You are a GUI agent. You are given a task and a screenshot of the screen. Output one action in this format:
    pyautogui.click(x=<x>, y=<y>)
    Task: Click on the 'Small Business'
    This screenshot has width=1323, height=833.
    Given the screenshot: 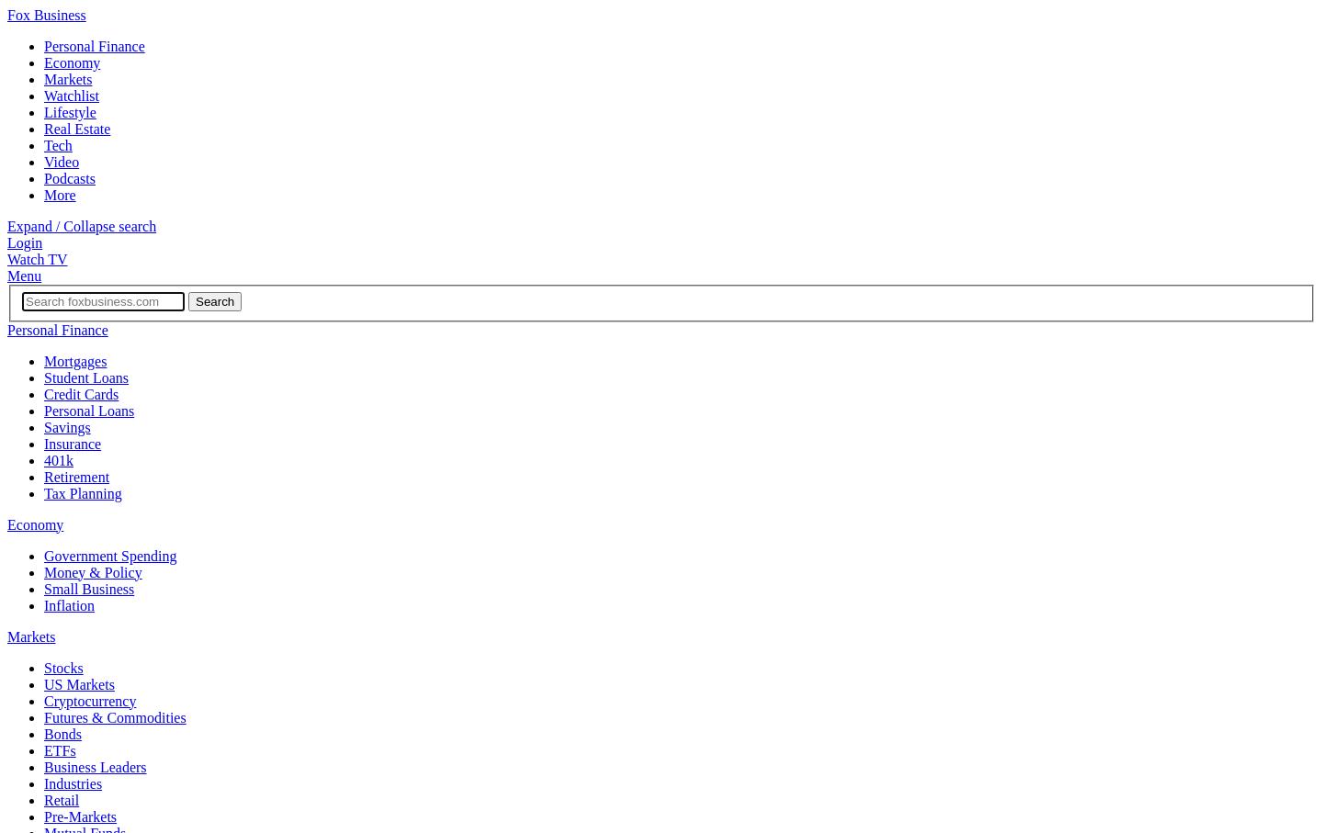 What is the action you would take?
    pyautogui.click(x=42, y=588)
    